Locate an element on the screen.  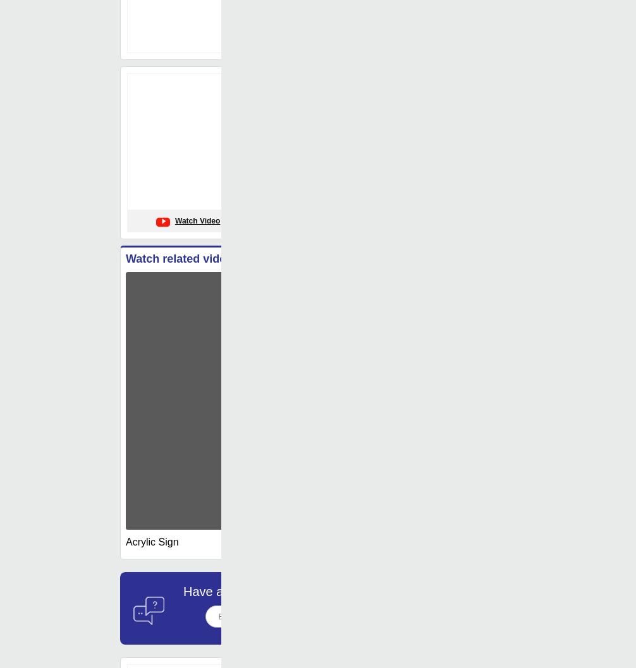
':  Aluminium' is located at coordinates (331, 239).